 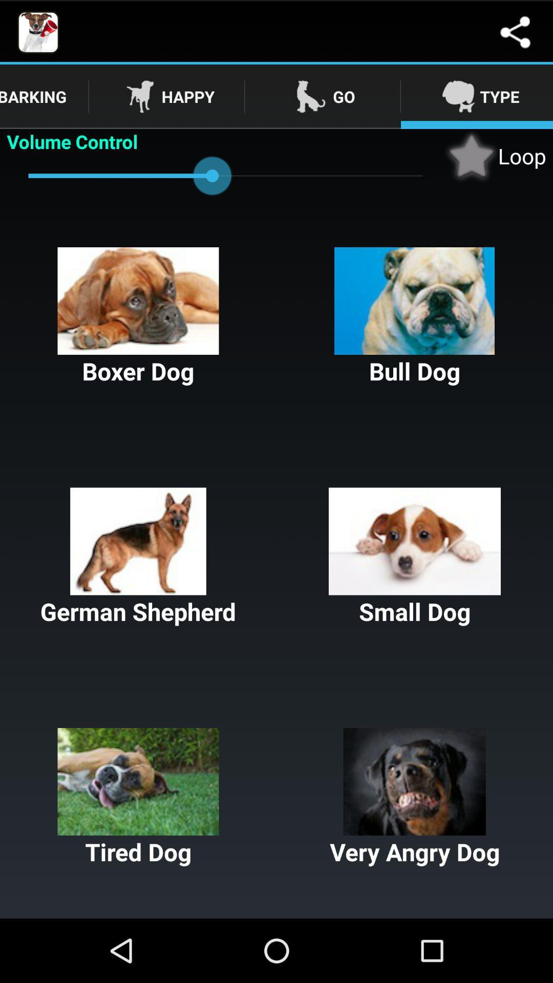 I want to click on icon above german shepherd button, so click(x=415, y=316).